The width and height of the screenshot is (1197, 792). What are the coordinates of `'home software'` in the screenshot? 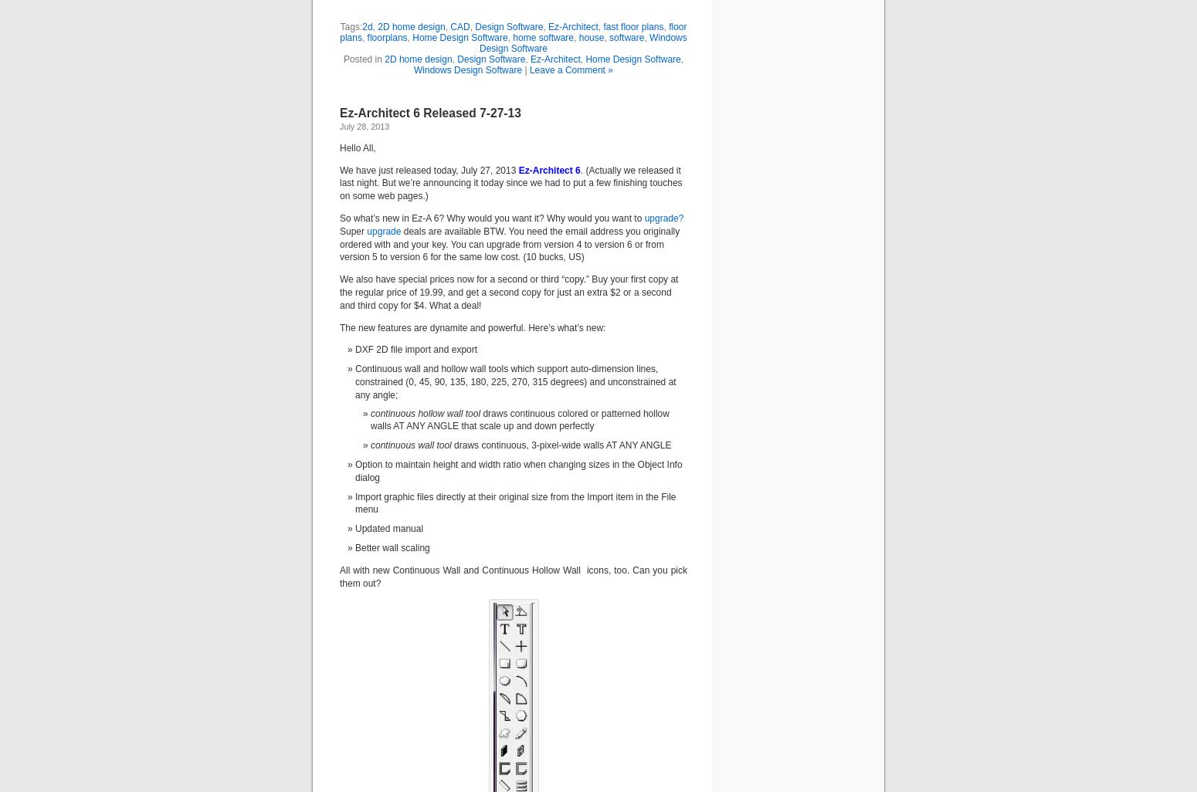 It's located at (543, 37).